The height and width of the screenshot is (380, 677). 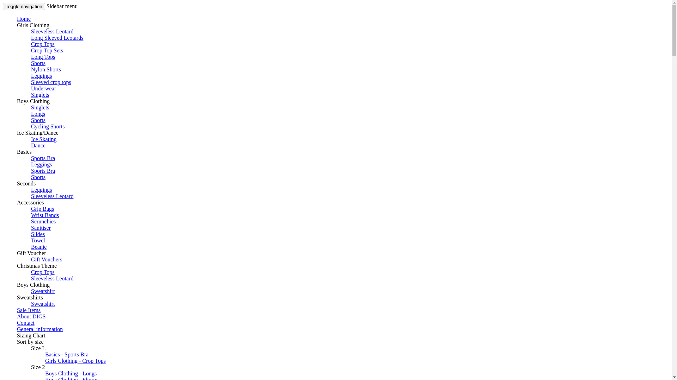 What do you see at coordinates (17, 202) in the screenshot?
I see `'Accessories'` at bounding box center [17, 202].